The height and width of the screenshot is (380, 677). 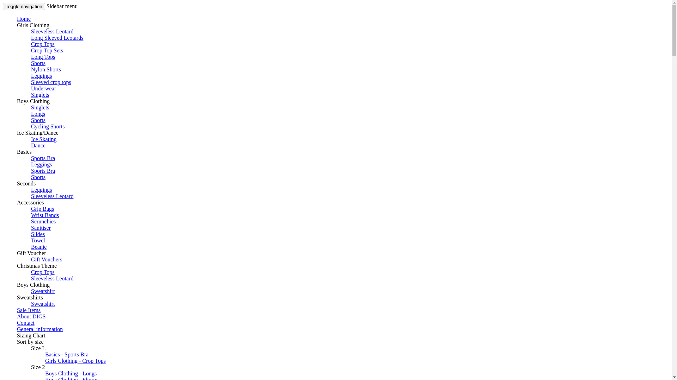 What do you see at coordinates (17, 202) in the screenshot?
I see `'Accessories'` at bounding box center [17, 202].